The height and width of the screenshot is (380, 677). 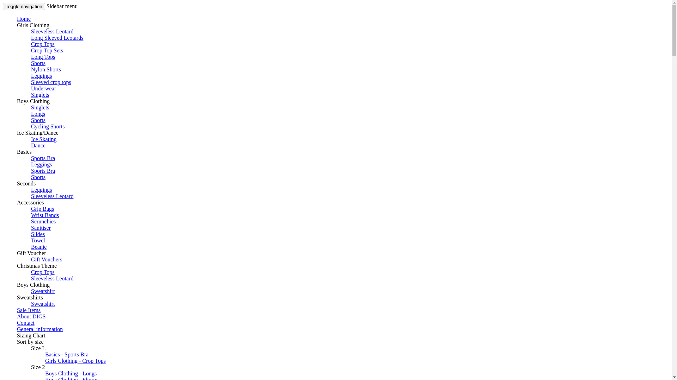 What do you see at coordinates (17, 202) in the screenshot?
I see `'Accessories'` at bounding box center [17, 202].